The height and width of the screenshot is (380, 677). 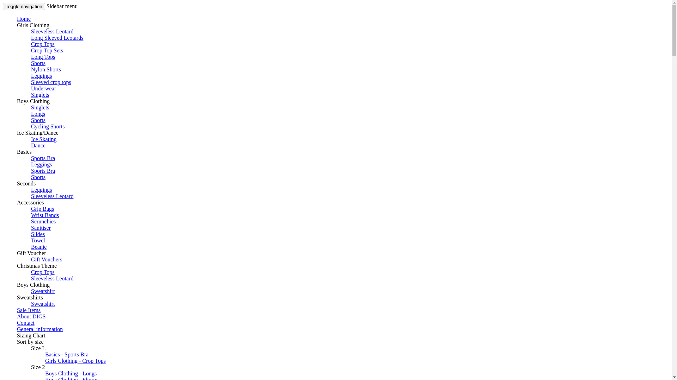 What do you see at coordinates (17, 202) in the screenshot?
I see `'Accessories'` at bounding box center [17, 202].